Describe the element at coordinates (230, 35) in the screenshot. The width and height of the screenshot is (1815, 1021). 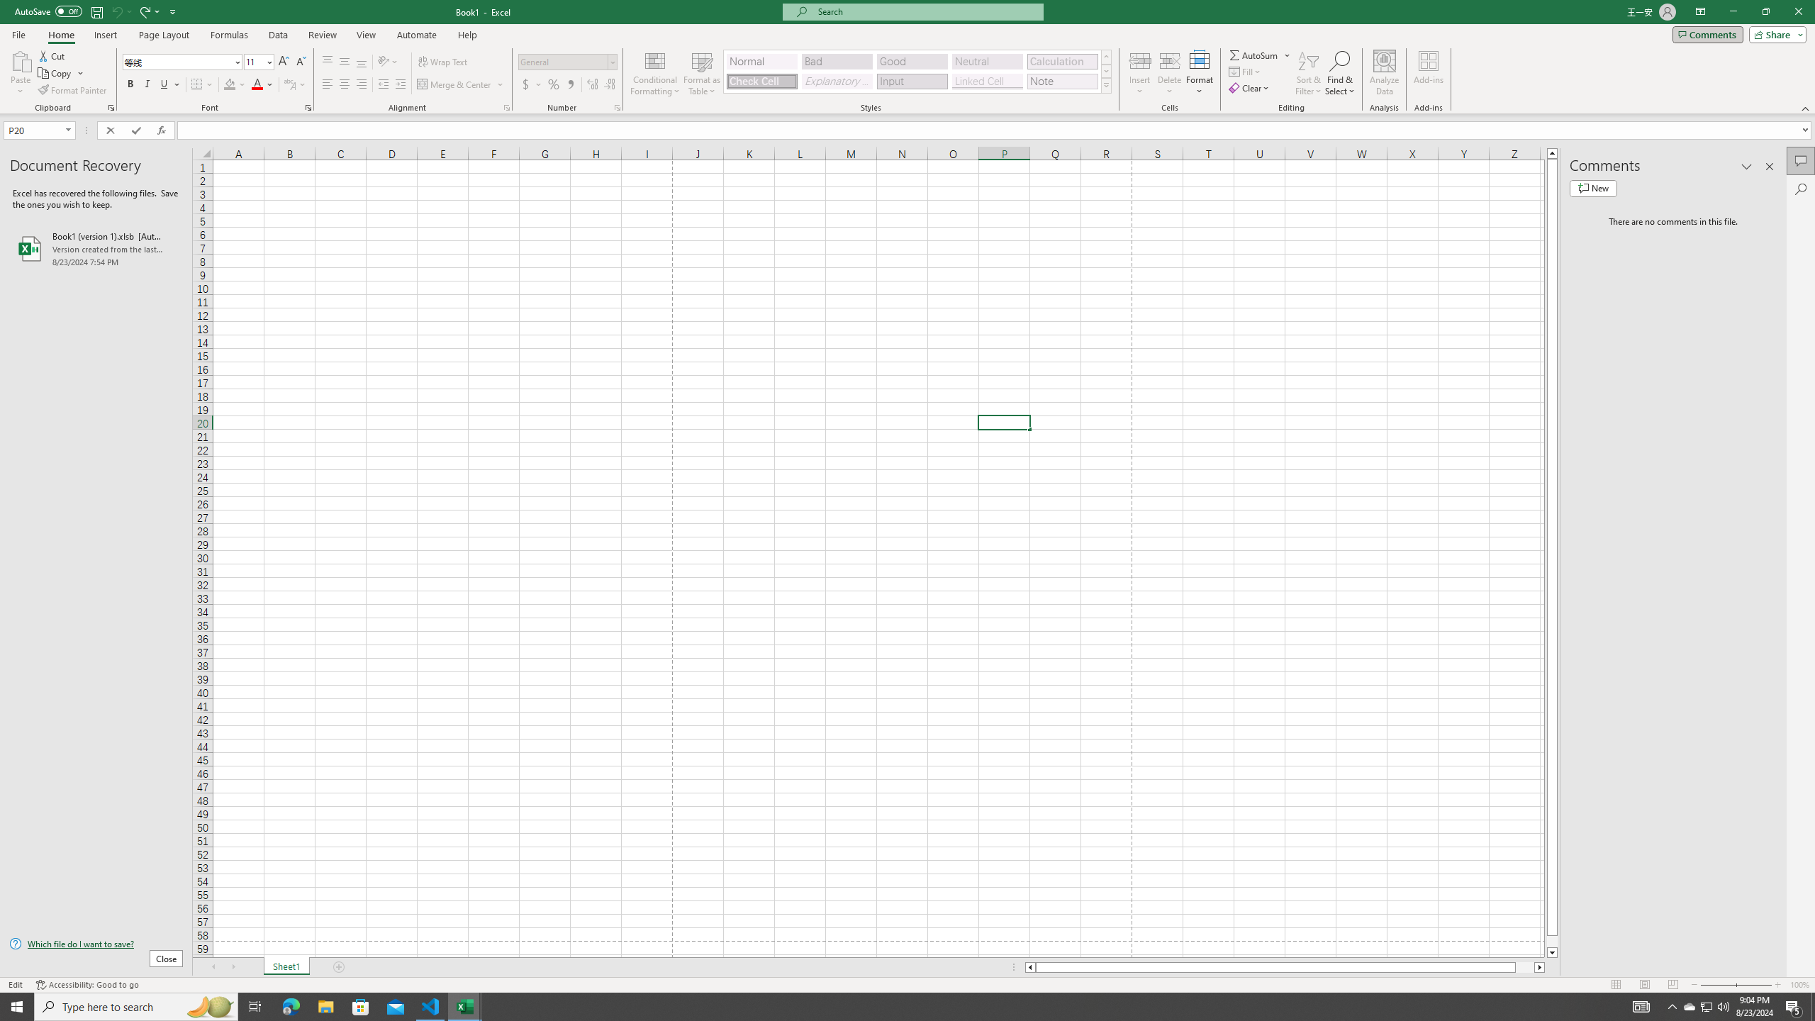
I see `'Formulas'` at that location.